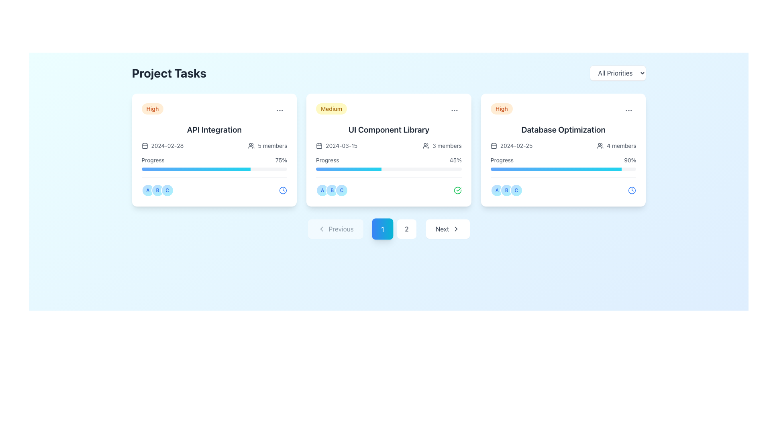 Image resolution: width=771 pixels, height=434 pixels. What do you see at coordinates (501, 108) in the screenshot?
I see `text 'High' from the label component indicating the priority level of the associated task in the 'Database Optimization' card, located in the top-left section above the task title` at bounding box center [501, 108].